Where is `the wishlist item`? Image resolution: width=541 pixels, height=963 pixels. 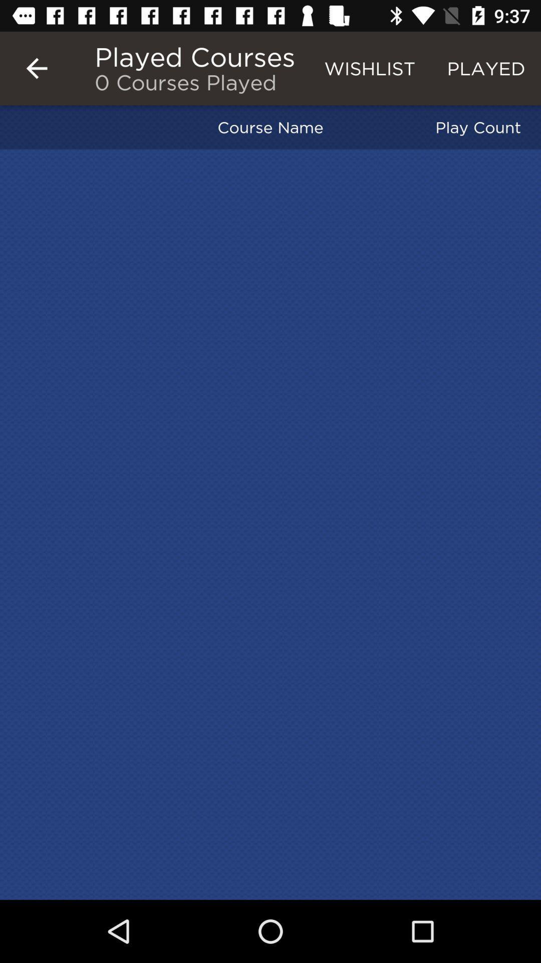
the wishlist item is located at coordinates (370, 68).